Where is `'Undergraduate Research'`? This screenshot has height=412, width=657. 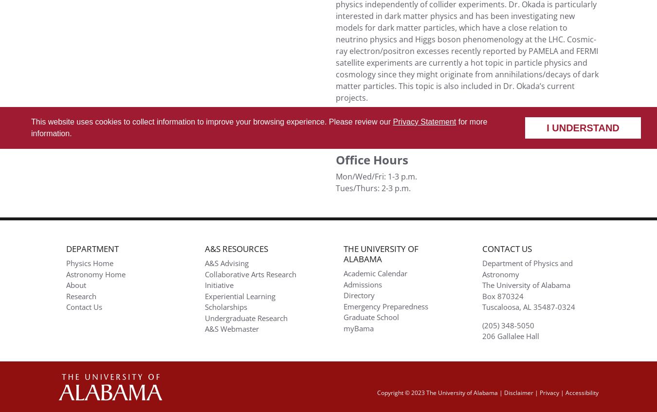
'Undergraduate Research' is located at coordinates (245, 317).